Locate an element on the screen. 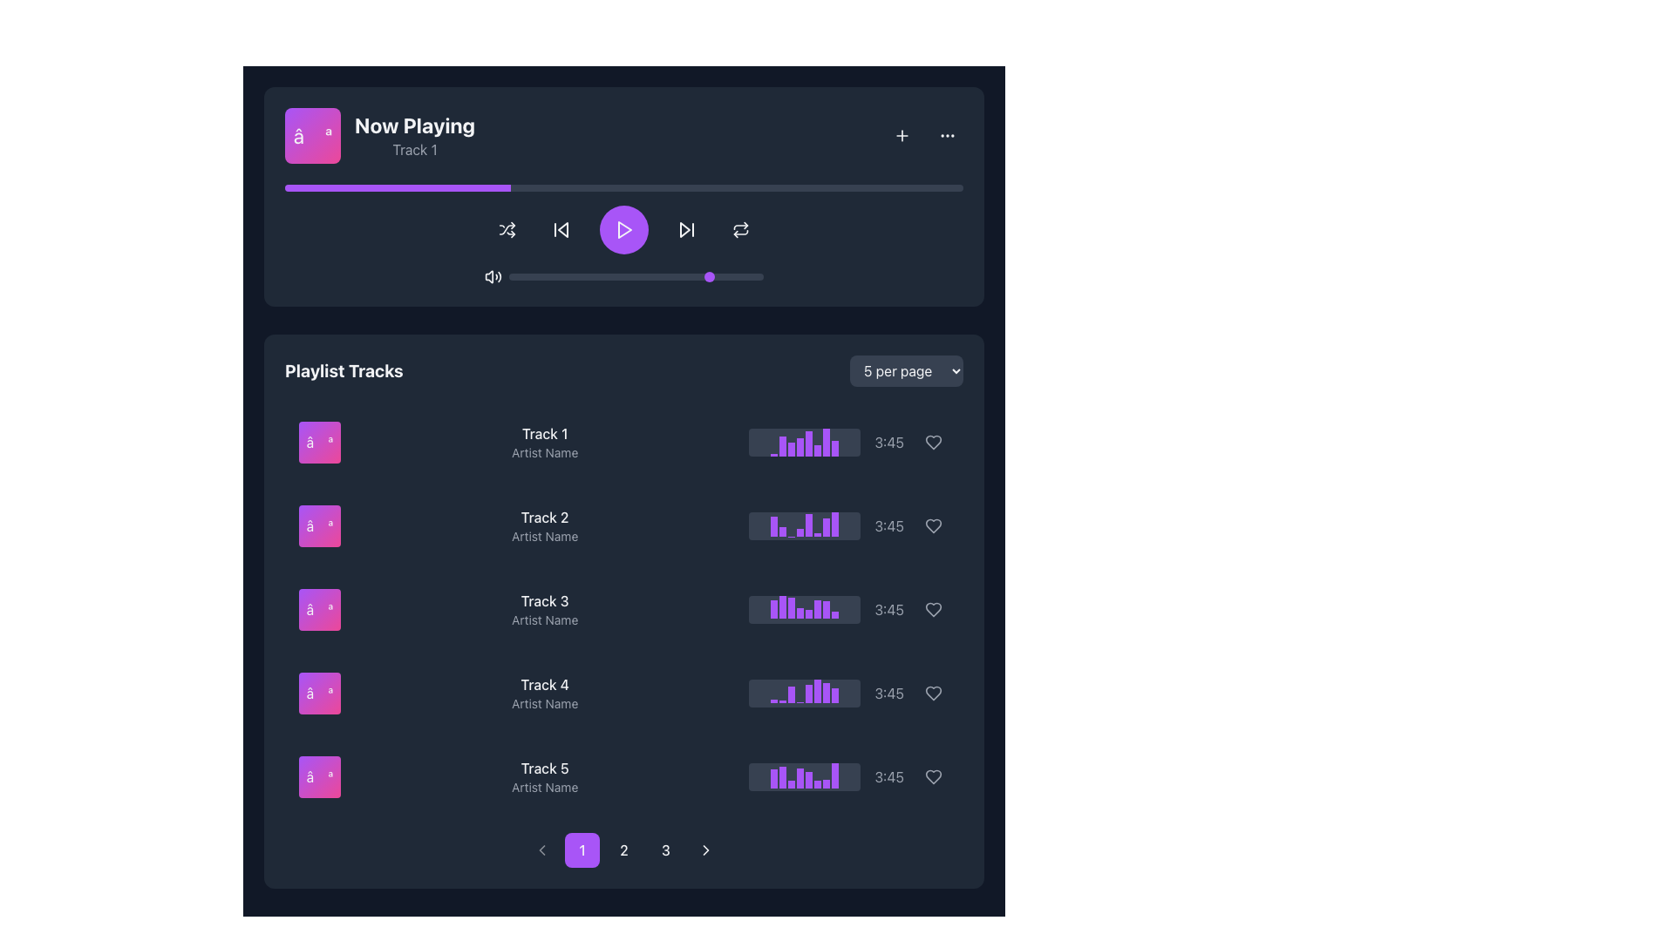 Image resolution: width=1674 pixels, height=941 pixels. the text label indicating the duration of the first track in the playlist, located between the bar chart and the heart icon is located at coordinates (889, 442).